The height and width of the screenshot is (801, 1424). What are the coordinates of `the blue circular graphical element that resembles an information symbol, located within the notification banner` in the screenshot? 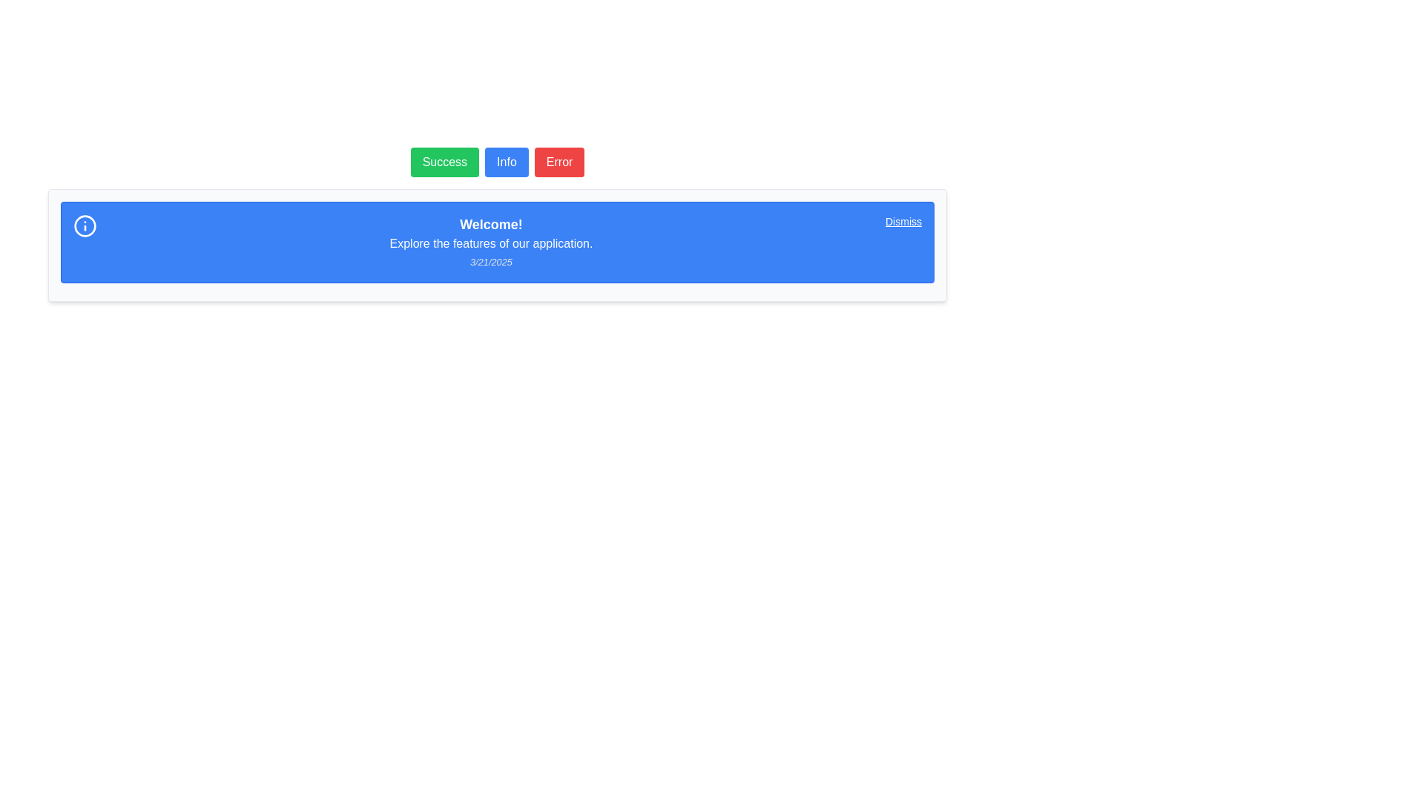 It's located at (85, 225).